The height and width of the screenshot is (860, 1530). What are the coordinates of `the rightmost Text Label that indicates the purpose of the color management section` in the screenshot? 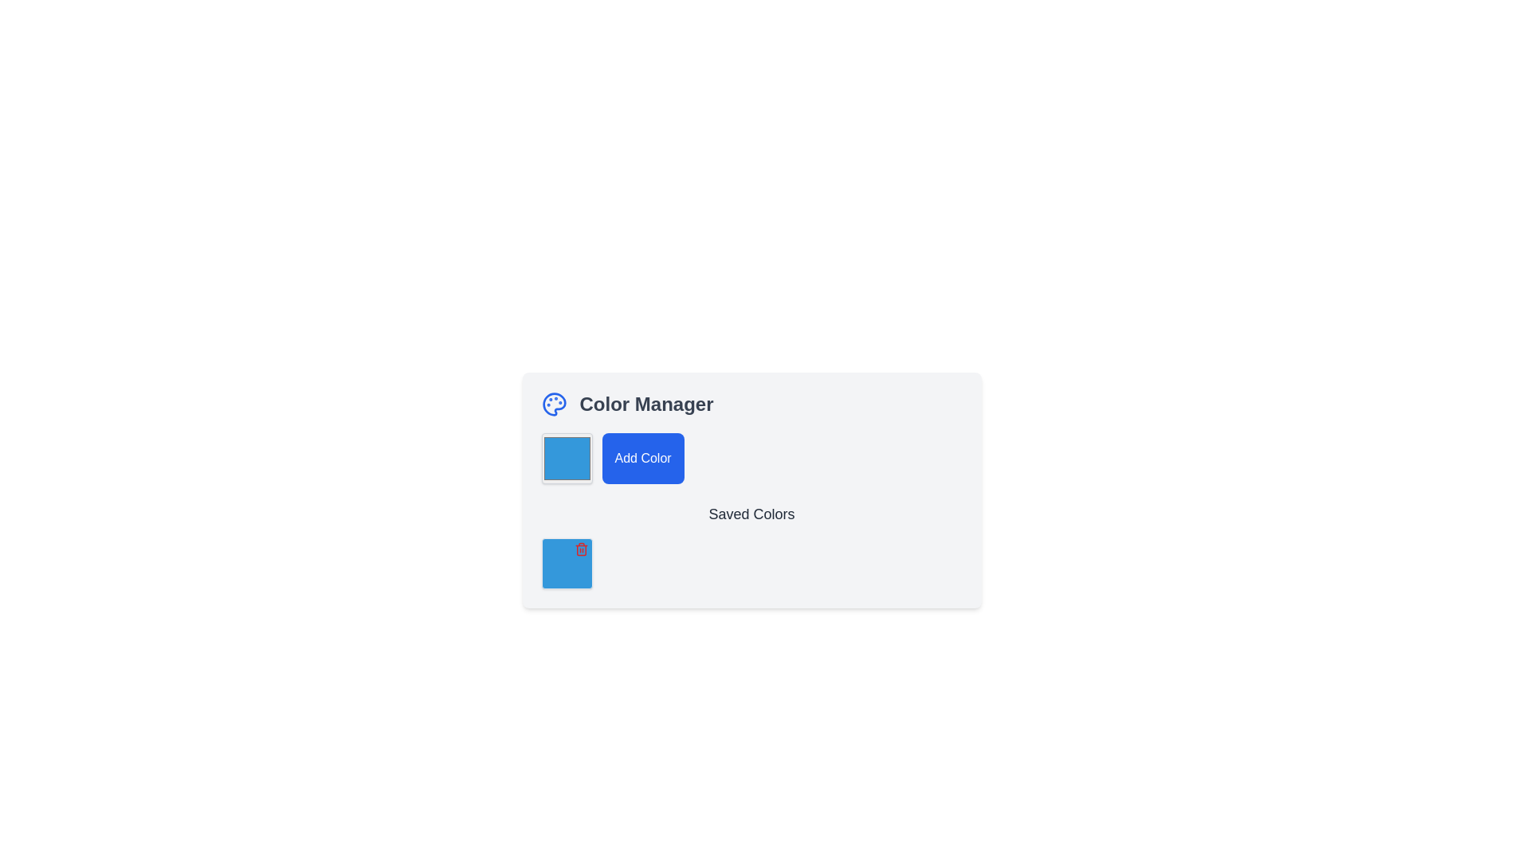 It's located at (646, 404).